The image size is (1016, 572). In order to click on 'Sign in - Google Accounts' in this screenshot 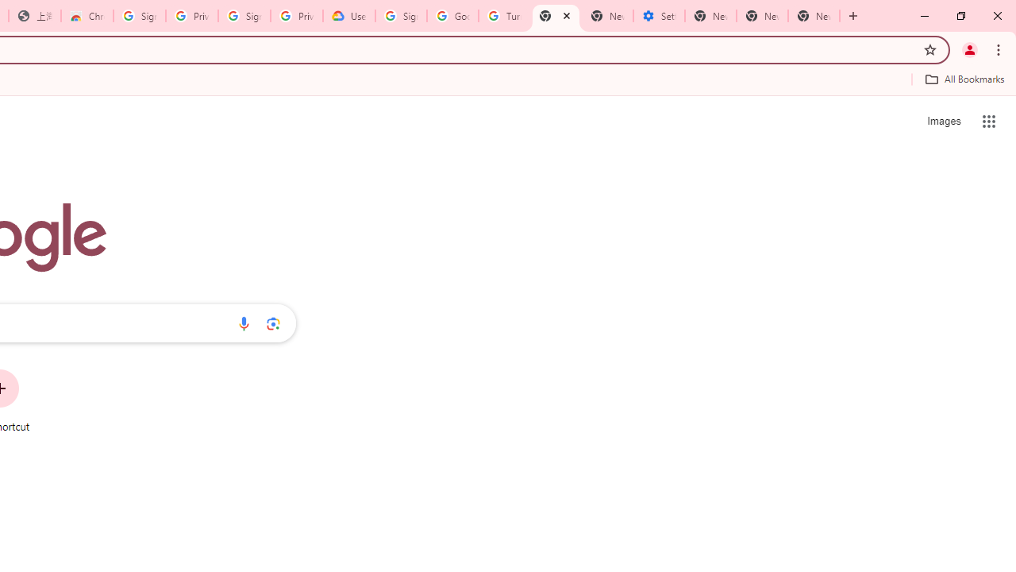, I will do `click(140, 16)`.